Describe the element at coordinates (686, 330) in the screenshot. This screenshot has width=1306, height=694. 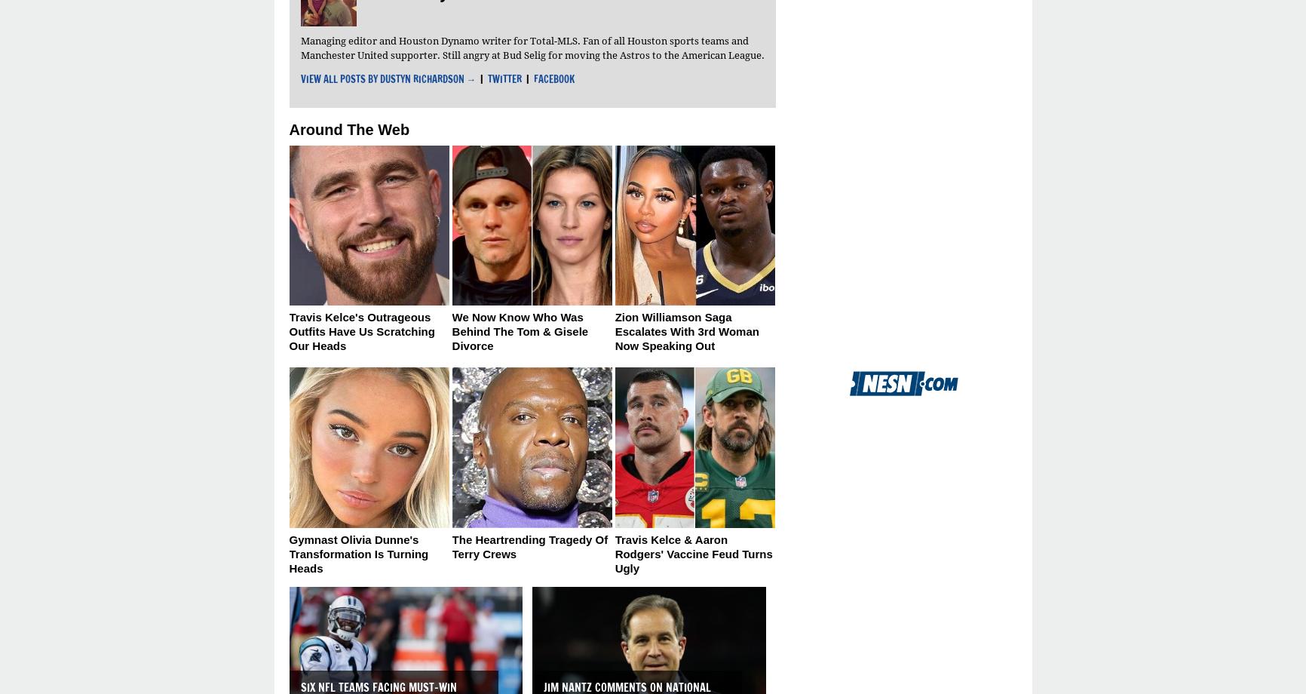
I see `'Zion Williamson Saga Escalates With 3rd Woman Now Speaking Out'` at that location.